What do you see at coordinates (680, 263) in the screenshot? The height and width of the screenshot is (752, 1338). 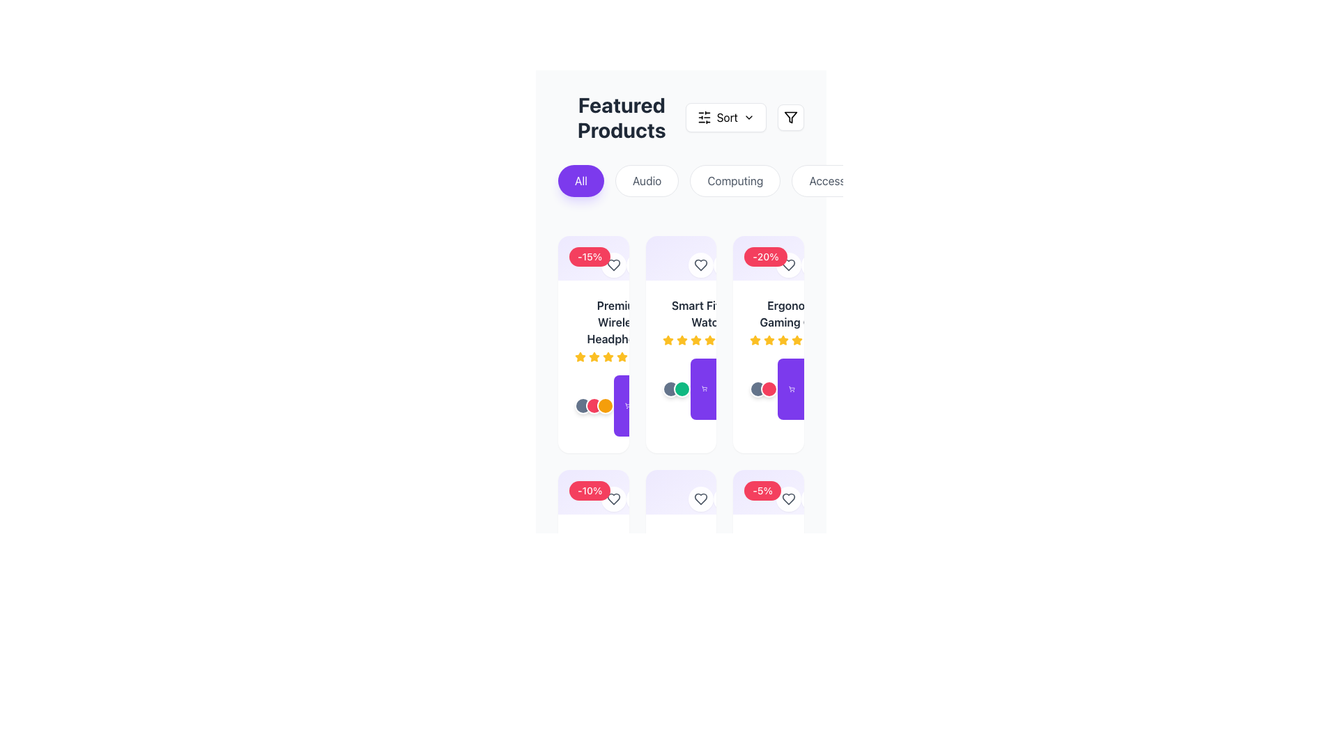 I see `the favorite button located in the top-right corner of the product card for 'Smart Fit Watch'` at bounding box center [680, 263].